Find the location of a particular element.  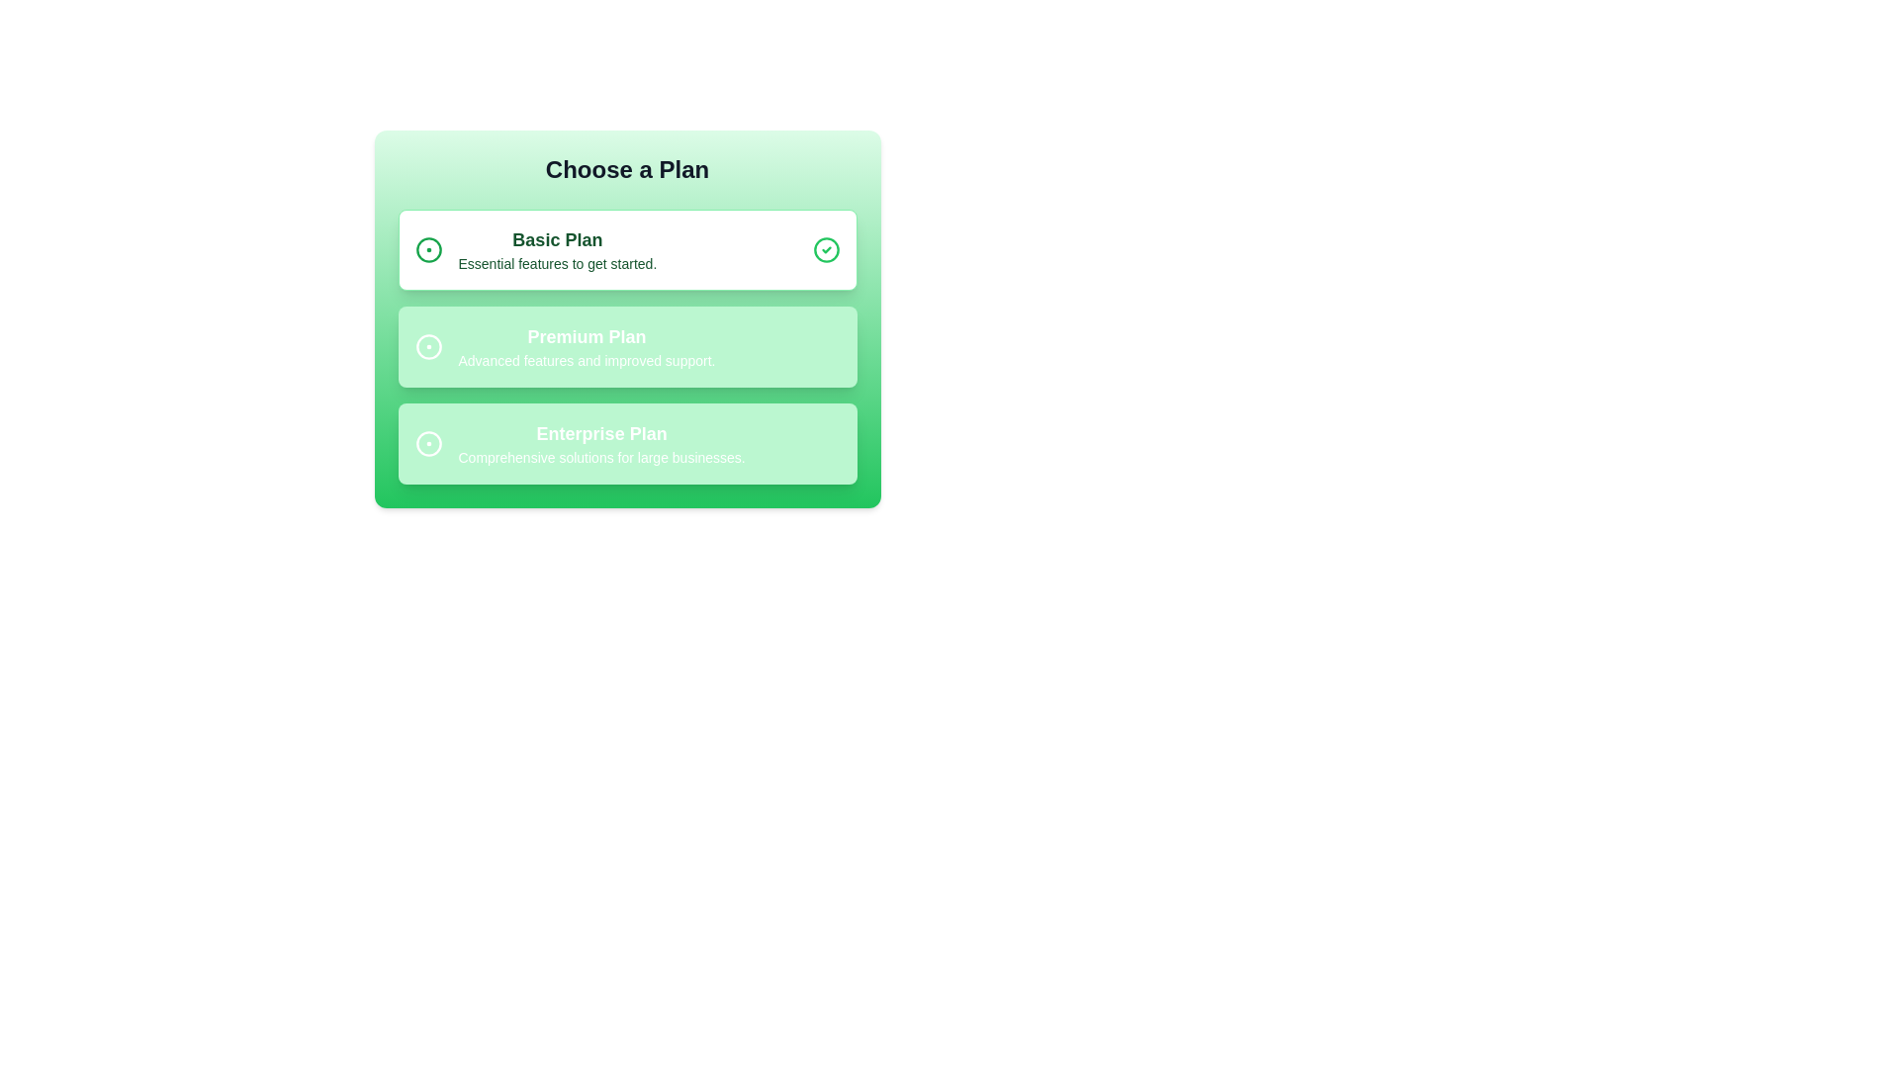

text label stating 'Essential features to get started.' which is styled in dark green and located below the title 'Basic Plan' on the main interface is located at coordinates (556, 262).